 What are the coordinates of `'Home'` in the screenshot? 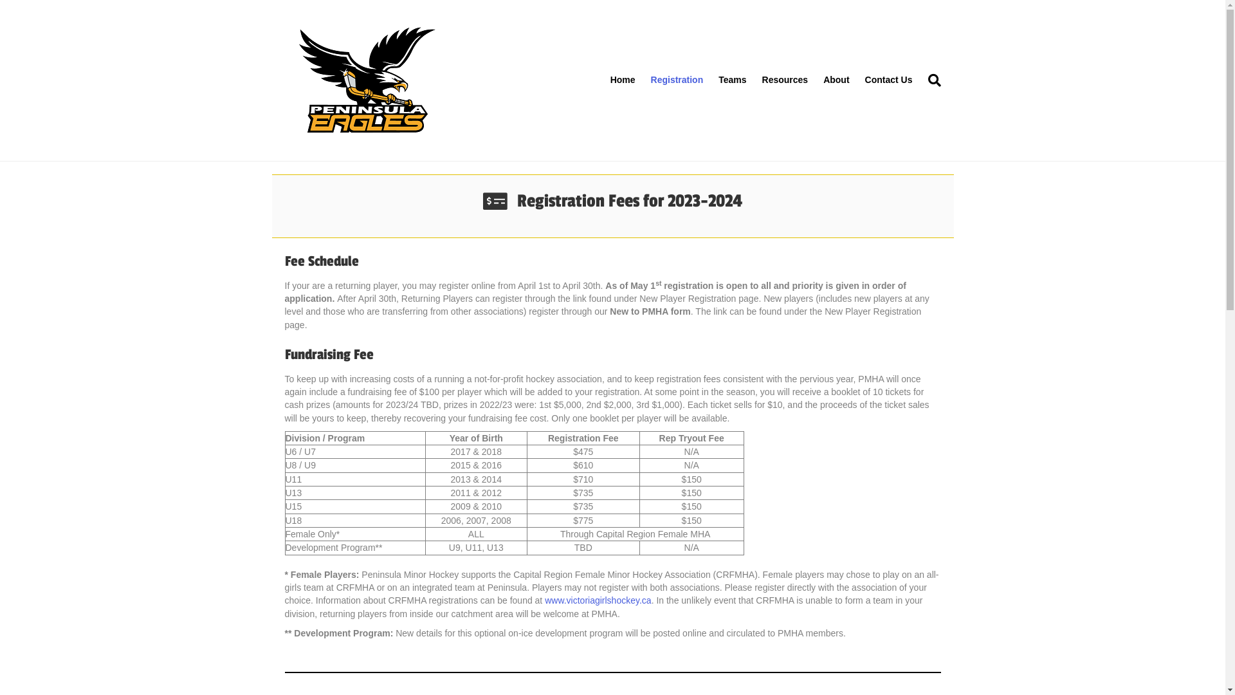 It's located at (623, 80).